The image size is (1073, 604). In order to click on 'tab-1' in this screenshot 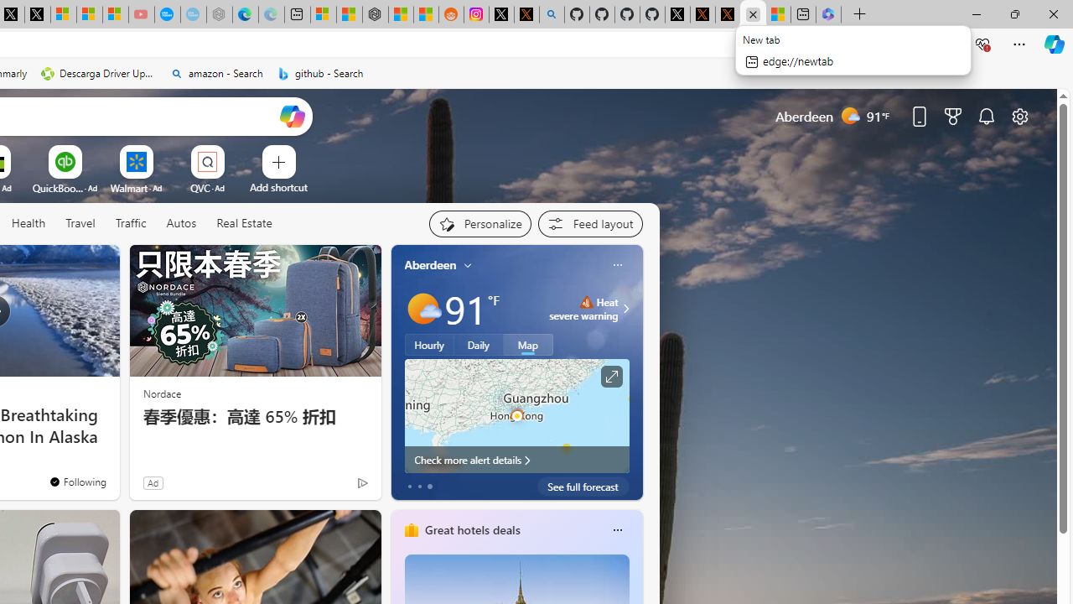, I will do `click(419, 486)`.